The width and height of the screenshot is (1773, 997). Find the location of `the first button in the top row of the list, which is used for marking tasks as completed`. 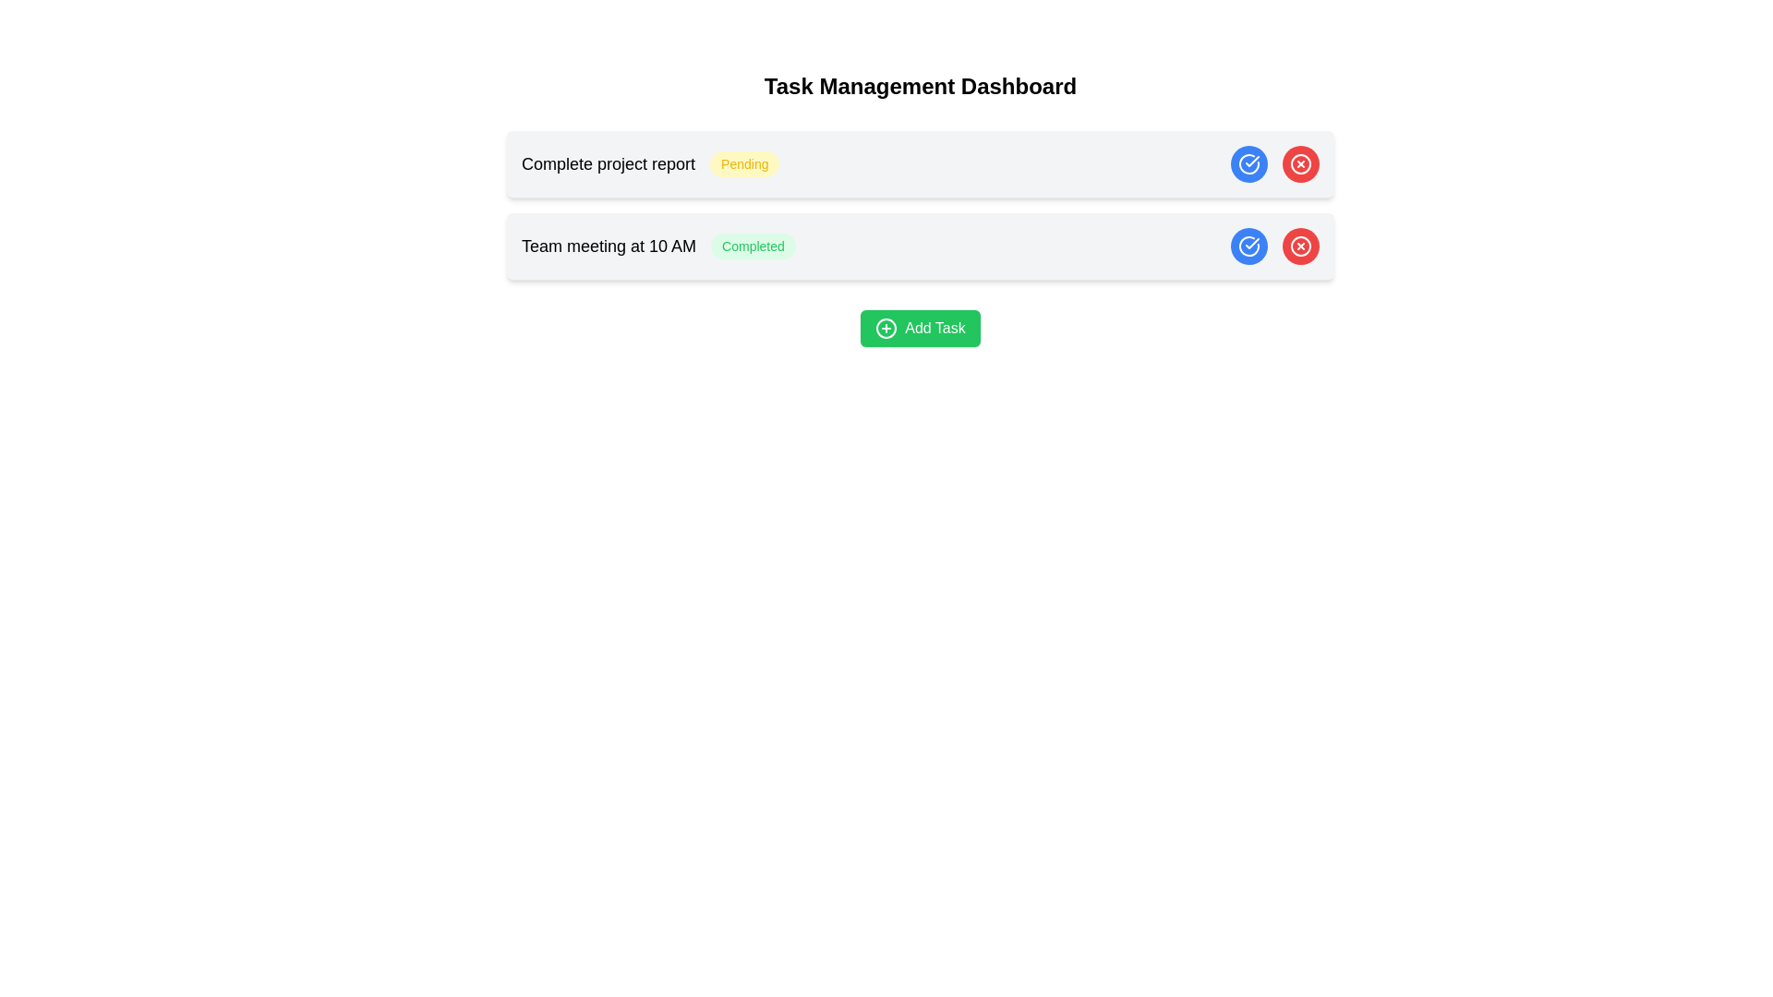

the first button in the top row of the list, which is used for marking tasks as completed is located at coordinates (1249, 162).